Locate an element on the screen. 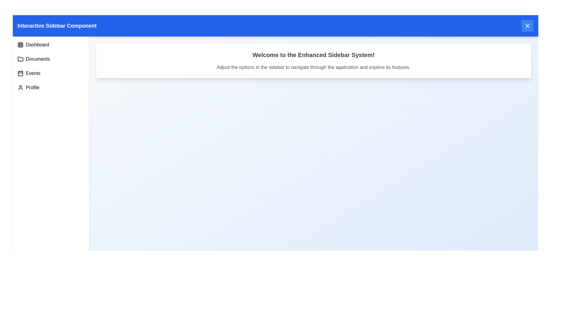 This screenshot has height=321, width=571. the calendar icon located to the left of the 'Events' label in the sidebar menu is located at coordinates (20, 73).